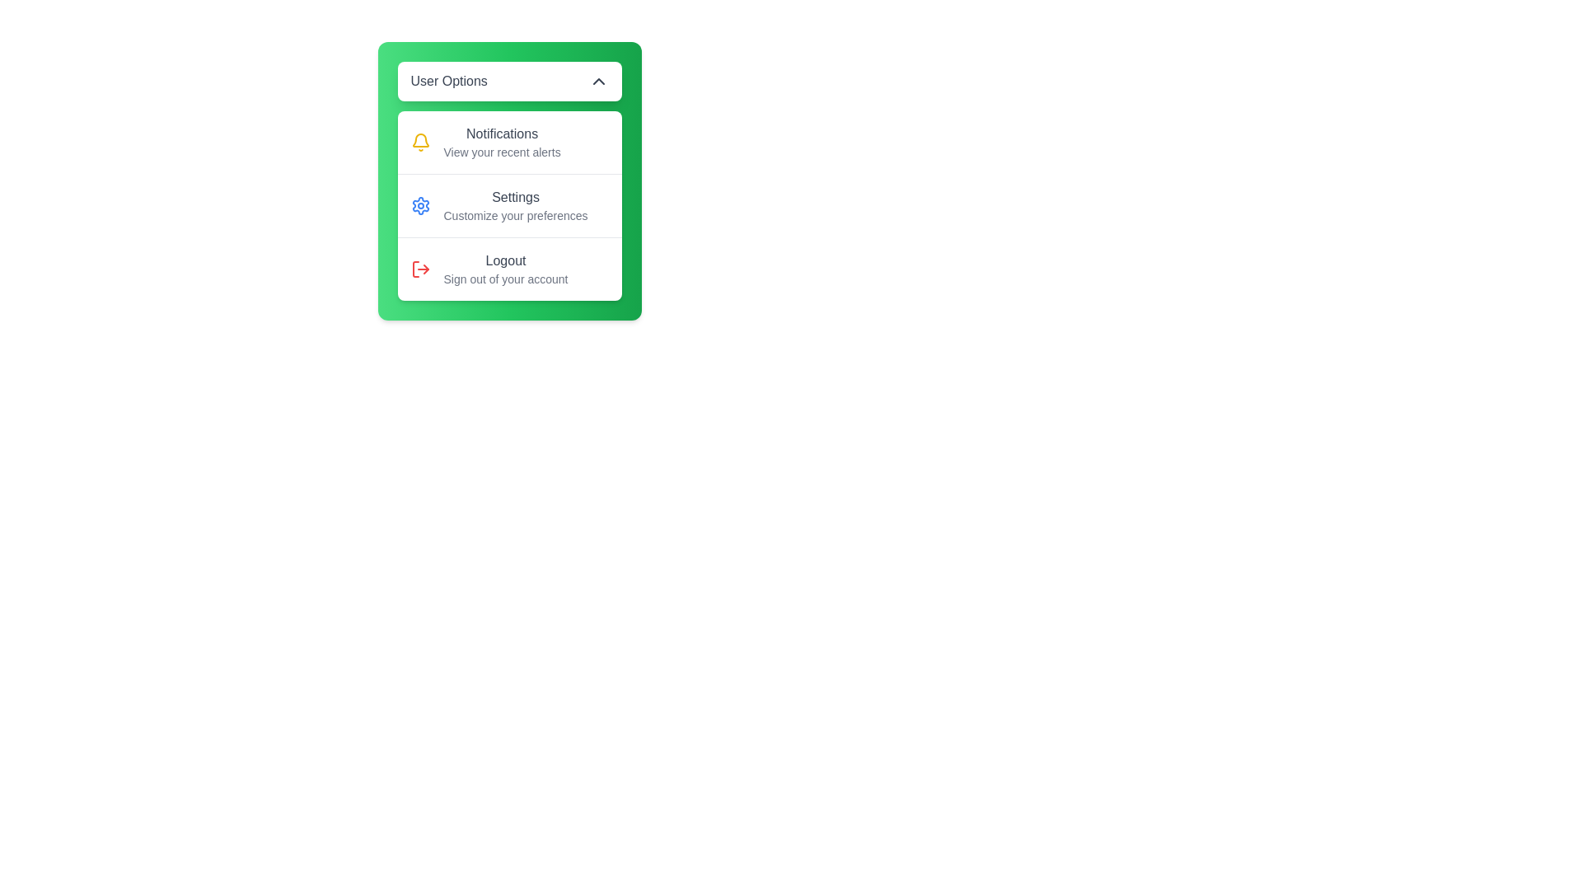  Describe the element at coordinates (505, 279) in the screenshot. I see `the informational text providing hints about the 'Logout' option in the user options dropdown menu, located directly below the 'Logout' text` at that location.